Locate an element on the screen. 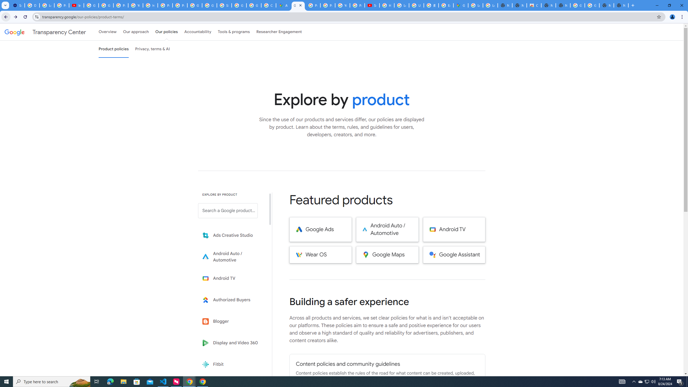 This screenshot has width=688, height=387. 'Google Images' is located at coordinates (577, 5).